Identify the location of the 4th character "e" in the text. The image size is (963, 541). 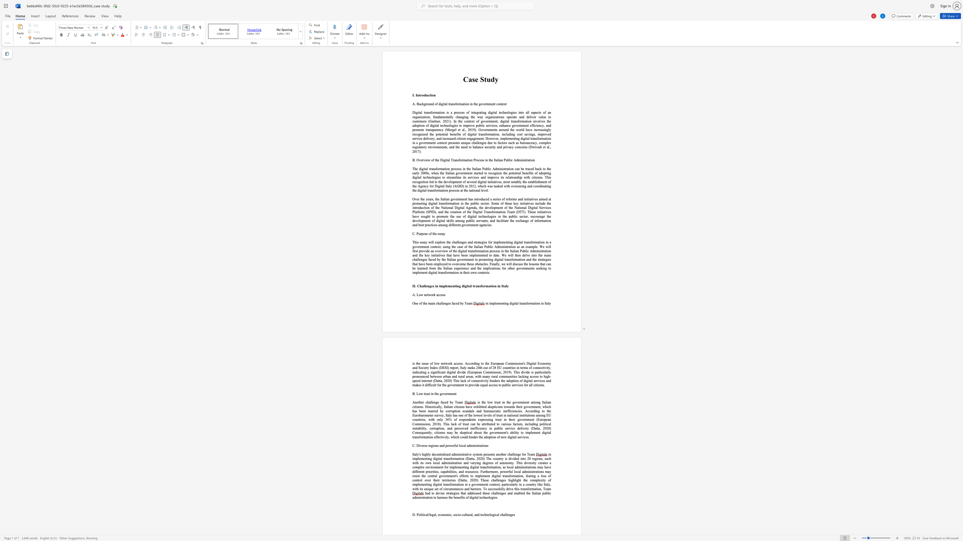
(473, 264).